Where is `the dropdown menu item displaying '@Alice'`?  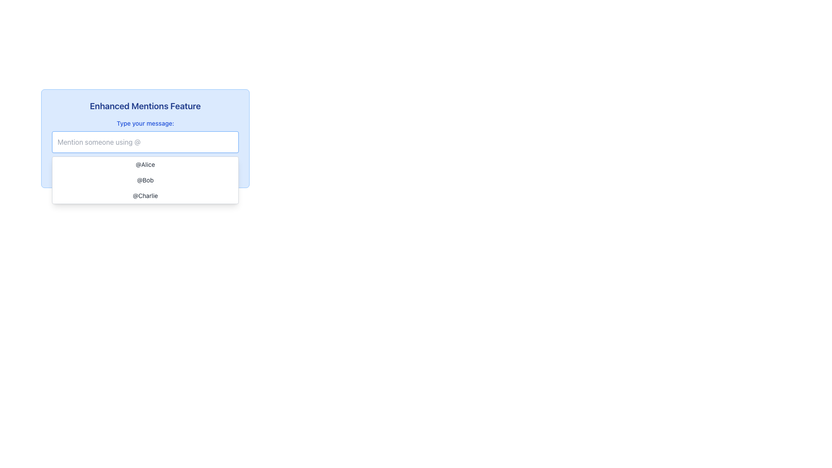 the dropdown menu item displaying '@Alice' is located at coordinates (145, 165).